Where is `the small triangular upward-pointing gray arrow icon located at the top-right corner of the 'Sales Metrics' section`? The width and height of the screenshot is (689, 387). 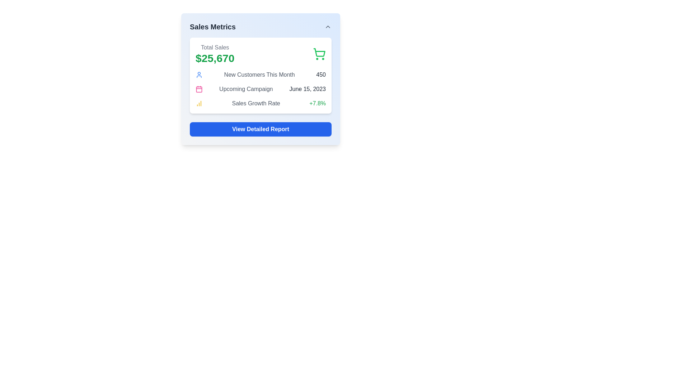
the small triangular upward-pointing gray arrow icon located at the top-right corner of the 'Sales Metrics' section is located at coordinates (327, 26).